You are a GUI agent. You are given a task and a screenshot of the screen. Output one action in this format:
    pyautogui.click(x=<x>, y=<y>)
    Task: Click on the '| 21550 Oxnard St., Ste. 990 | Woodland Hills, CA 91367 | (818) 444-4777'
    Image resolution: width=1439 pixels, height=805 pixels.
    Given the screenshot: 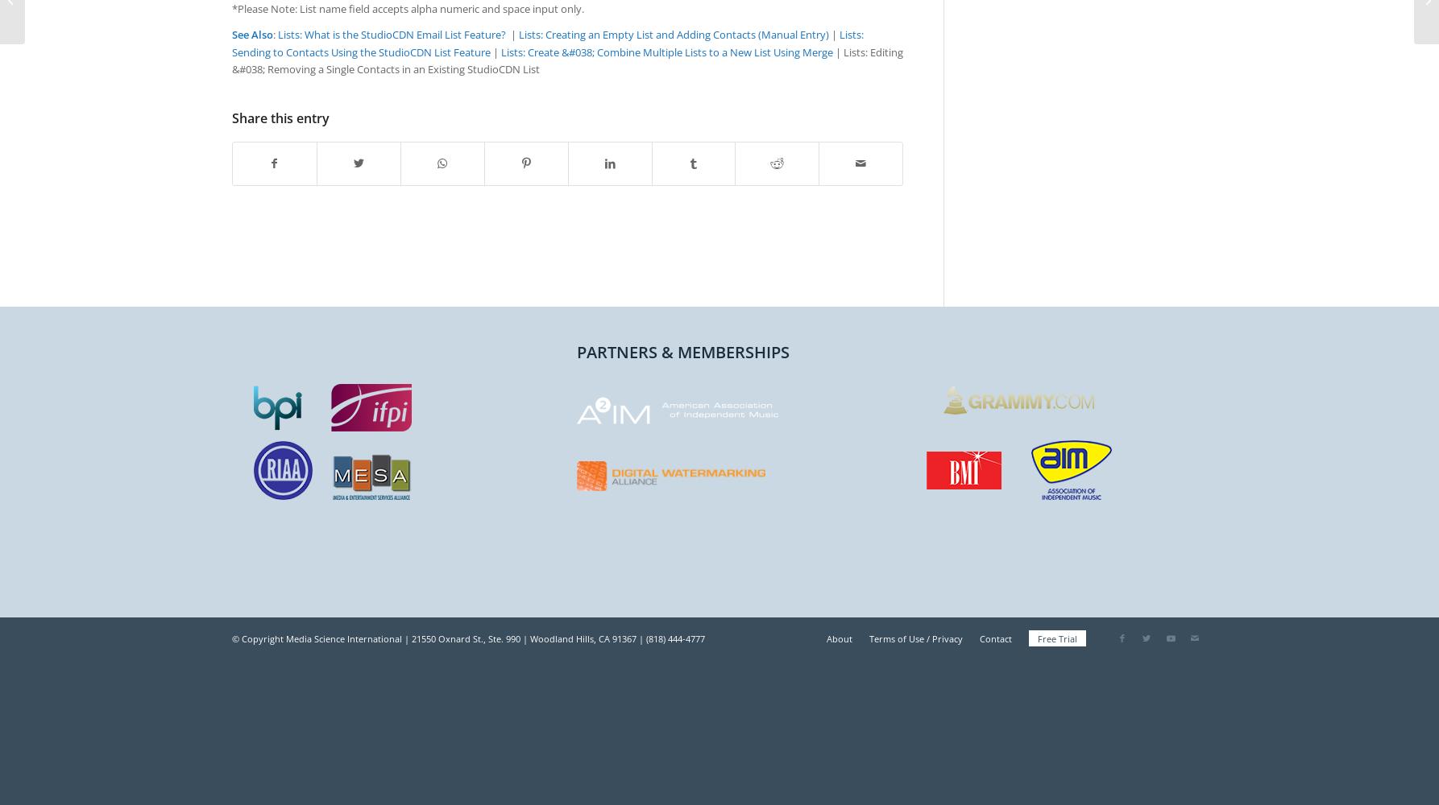 What is the action you would take?
    pyautogui.click(x=554, y=638)
    